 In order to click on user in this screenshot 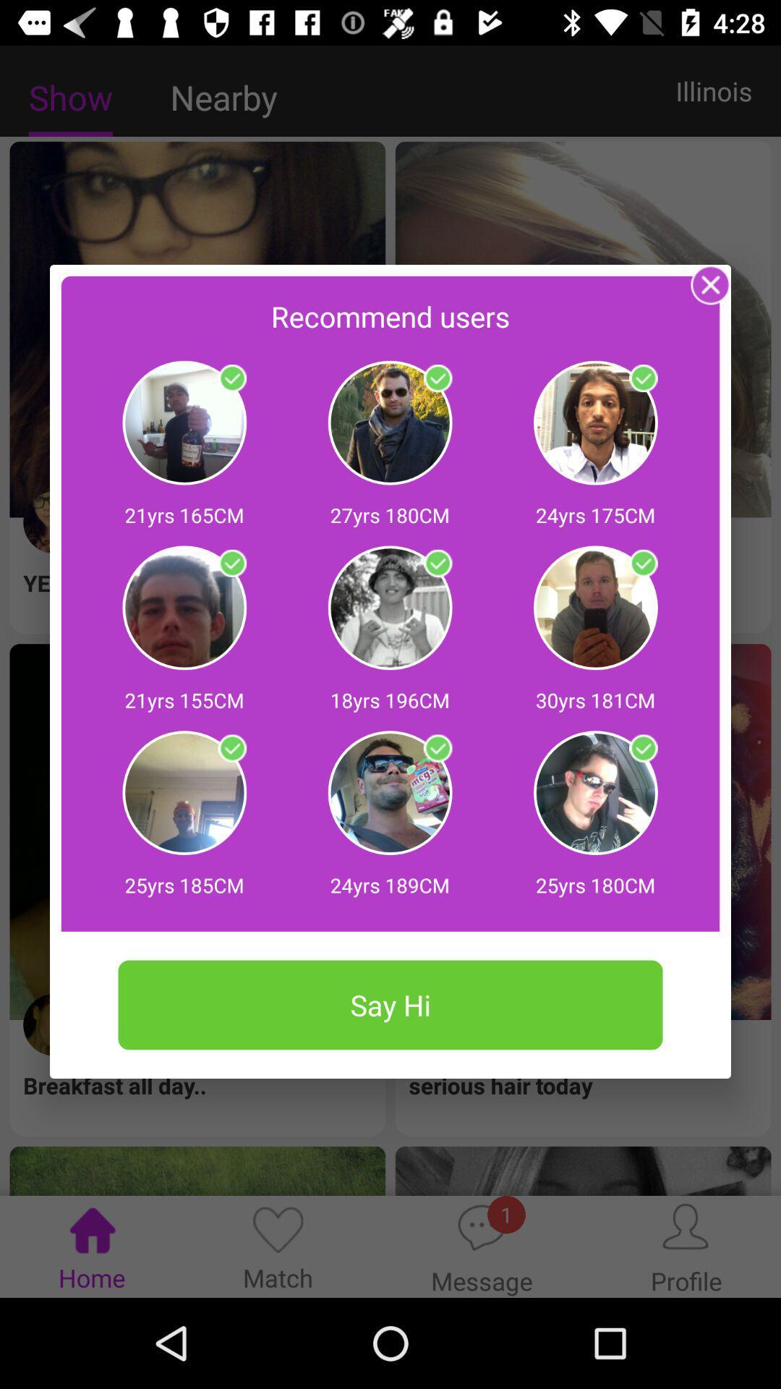, I will do `click(437, 563)`.